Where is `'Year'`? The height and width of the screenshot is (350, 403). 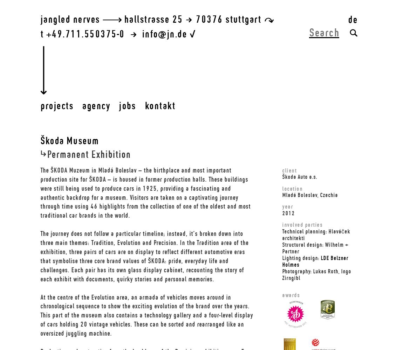 'Year' is located at coordinates (287, 206).